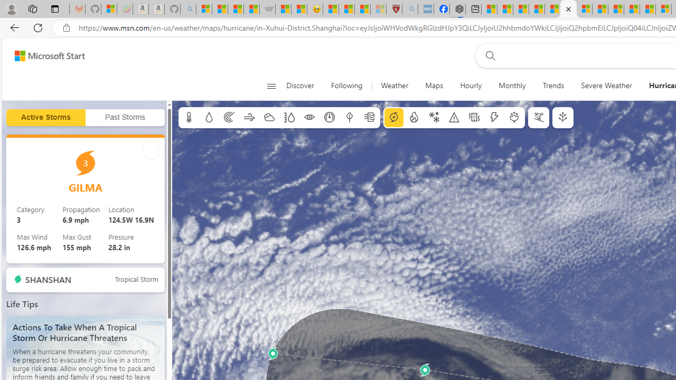 This screenshot has height=380, width=676. What do you see at coordinates (512, 85) in the screenshot?
I see `'Monthly'` at bounding box center [512, 85].